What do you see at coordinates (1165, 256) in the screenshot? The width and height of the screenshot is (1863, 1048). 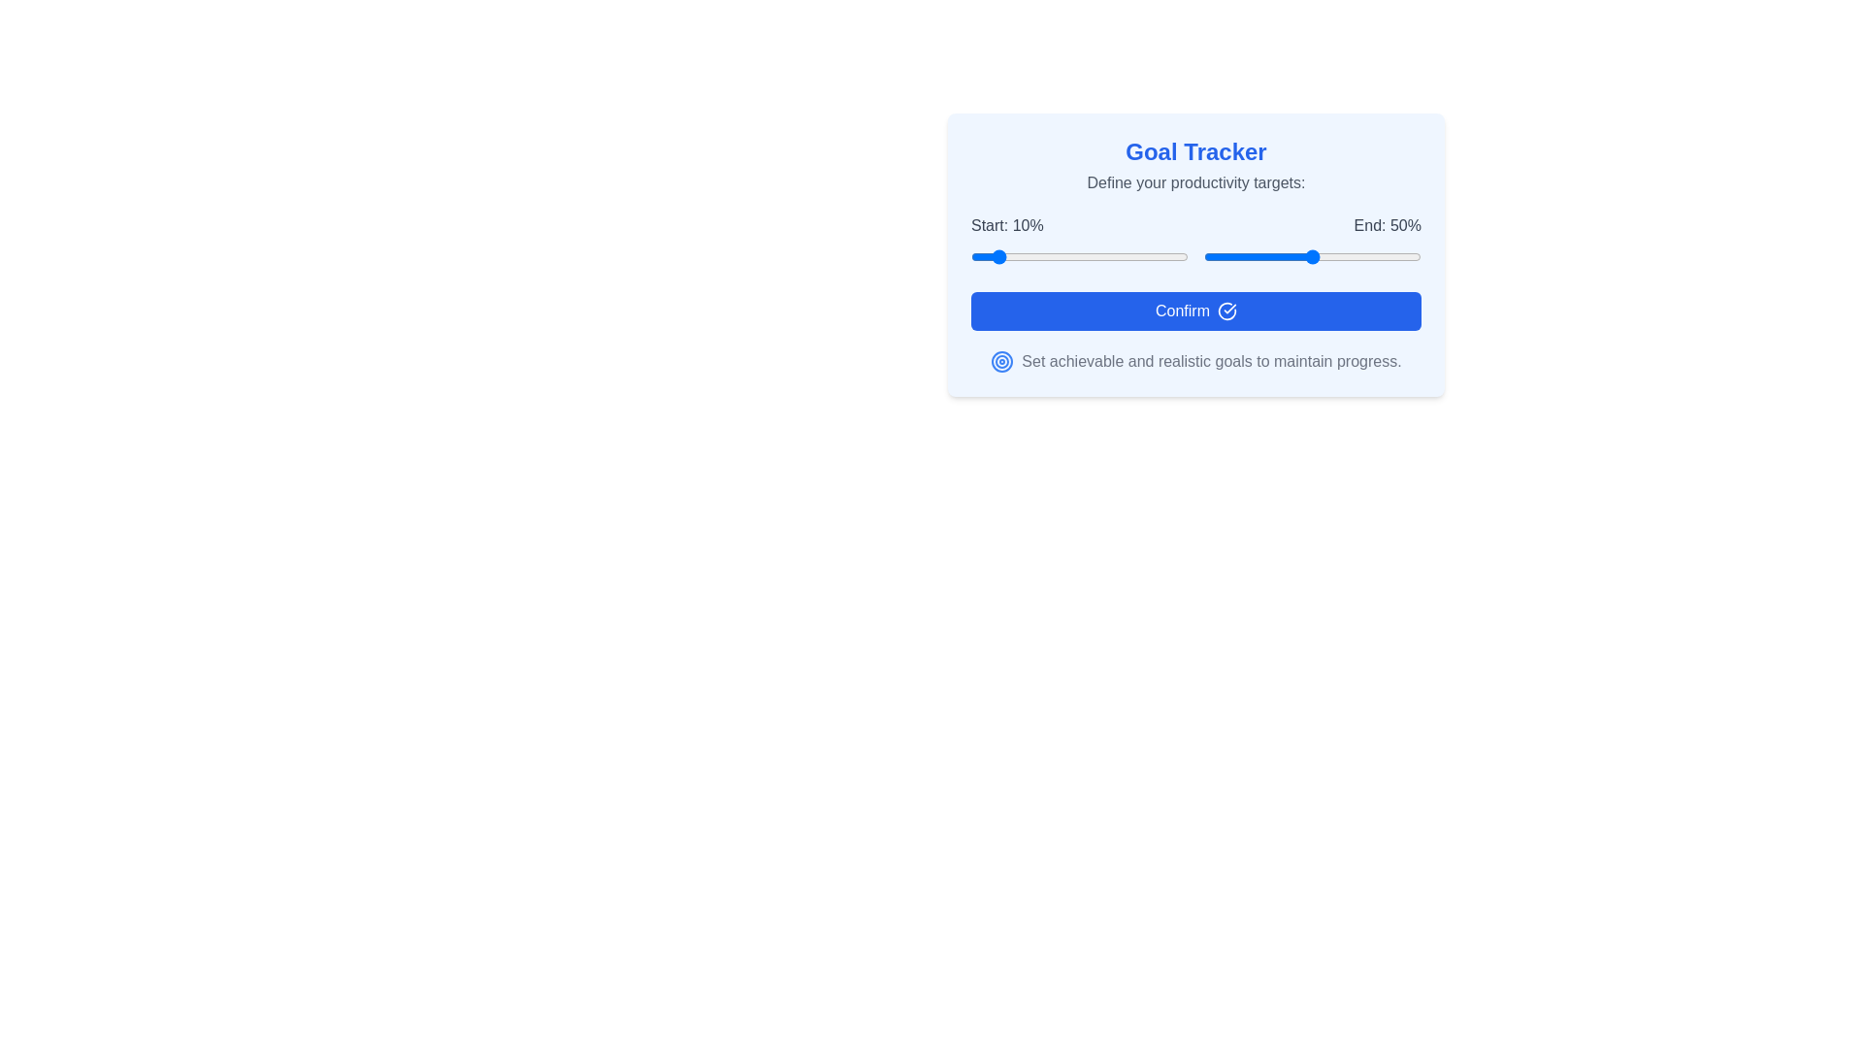 I see `the slider value` at bounding box center [1165, 256].